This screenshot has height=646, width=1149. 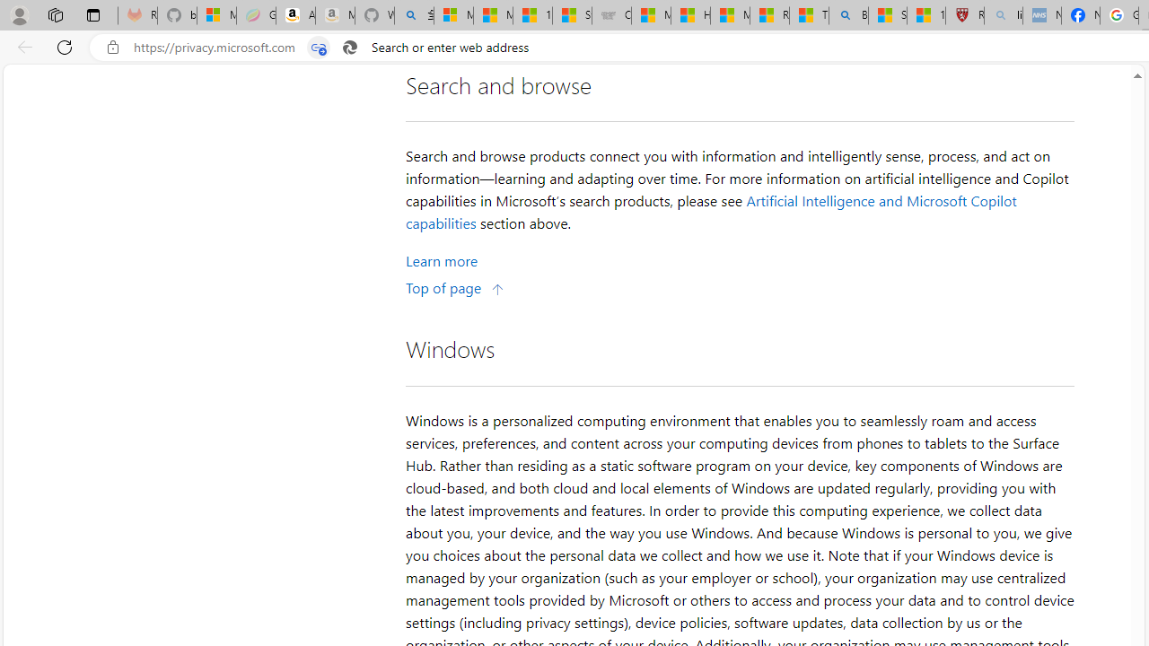 What do you see at coordinates (611, 15) in the screenshot?
I see `'Combat Siege'` at bounding box center [611, 15].